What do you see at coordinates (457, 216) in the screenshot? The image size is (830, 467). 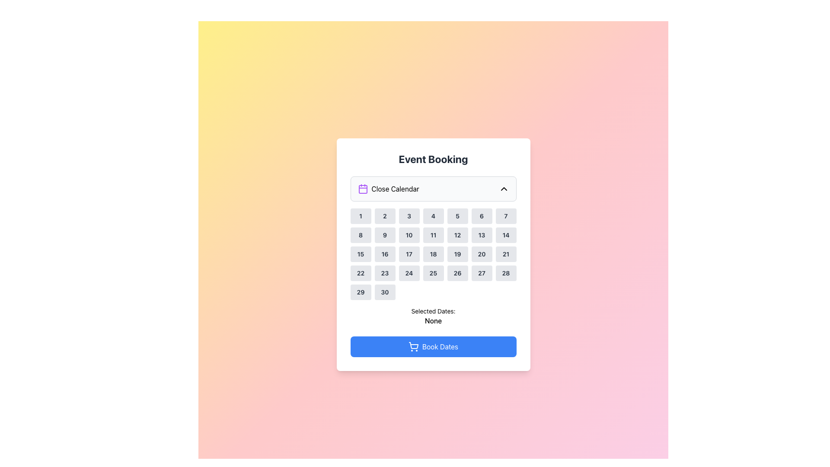 I see `the fifth button` at bounding box center [457, 216].